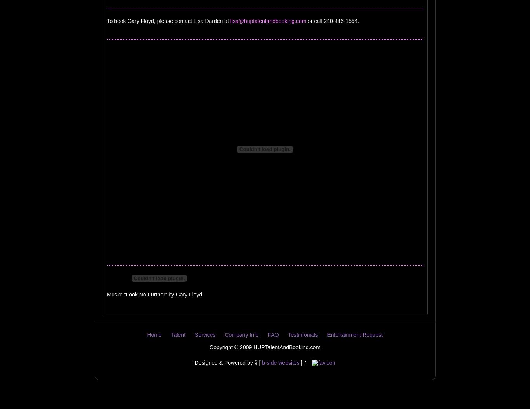 Image resolution: width=530 pixels, height=409 pixels. What do you see at coordinates (355, 335) in the screenshot?
I see `'Entertainment Request'` at bounding box center [355, 335].